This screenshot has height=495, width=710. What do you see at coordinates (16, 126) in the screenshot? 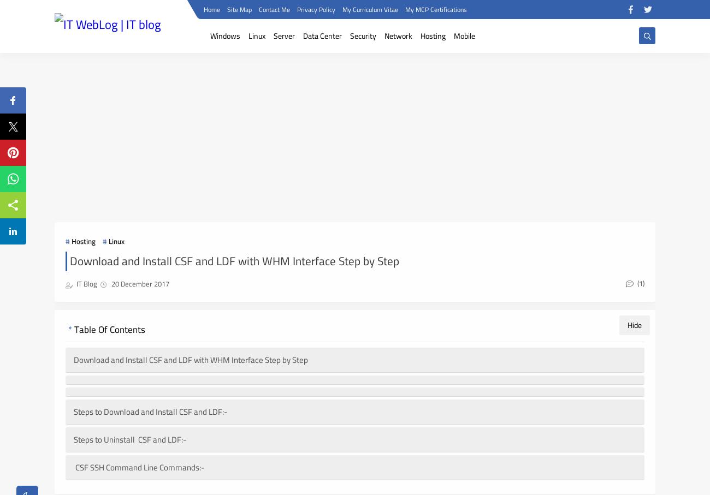
I see `'Tweet'` at bounding box center [16, 126].